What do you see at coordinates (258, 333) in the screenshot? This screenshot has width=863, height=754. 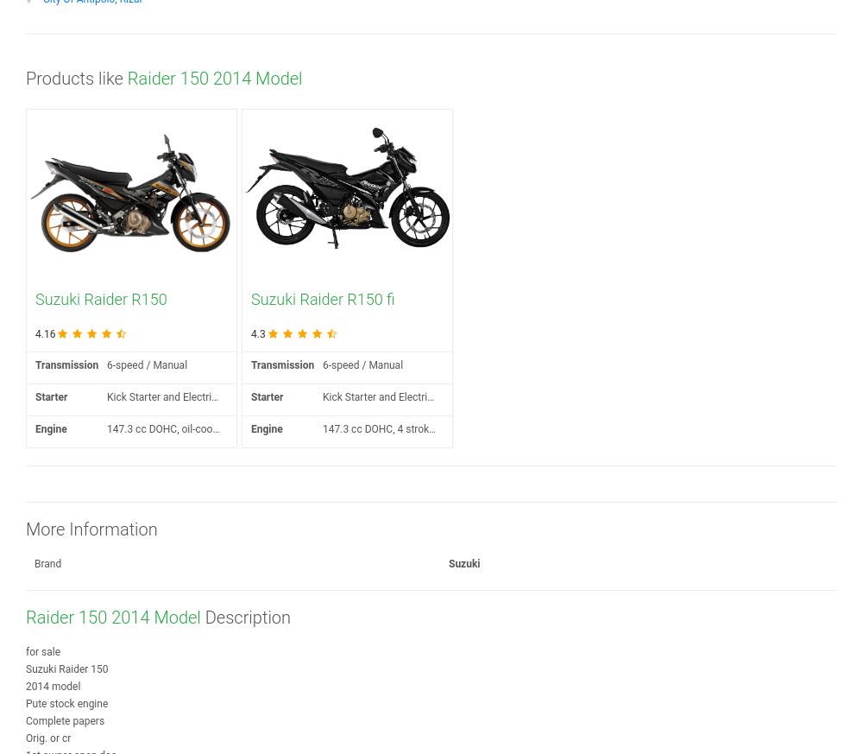 I see `'4.3'` at bounding box center [258, 333].